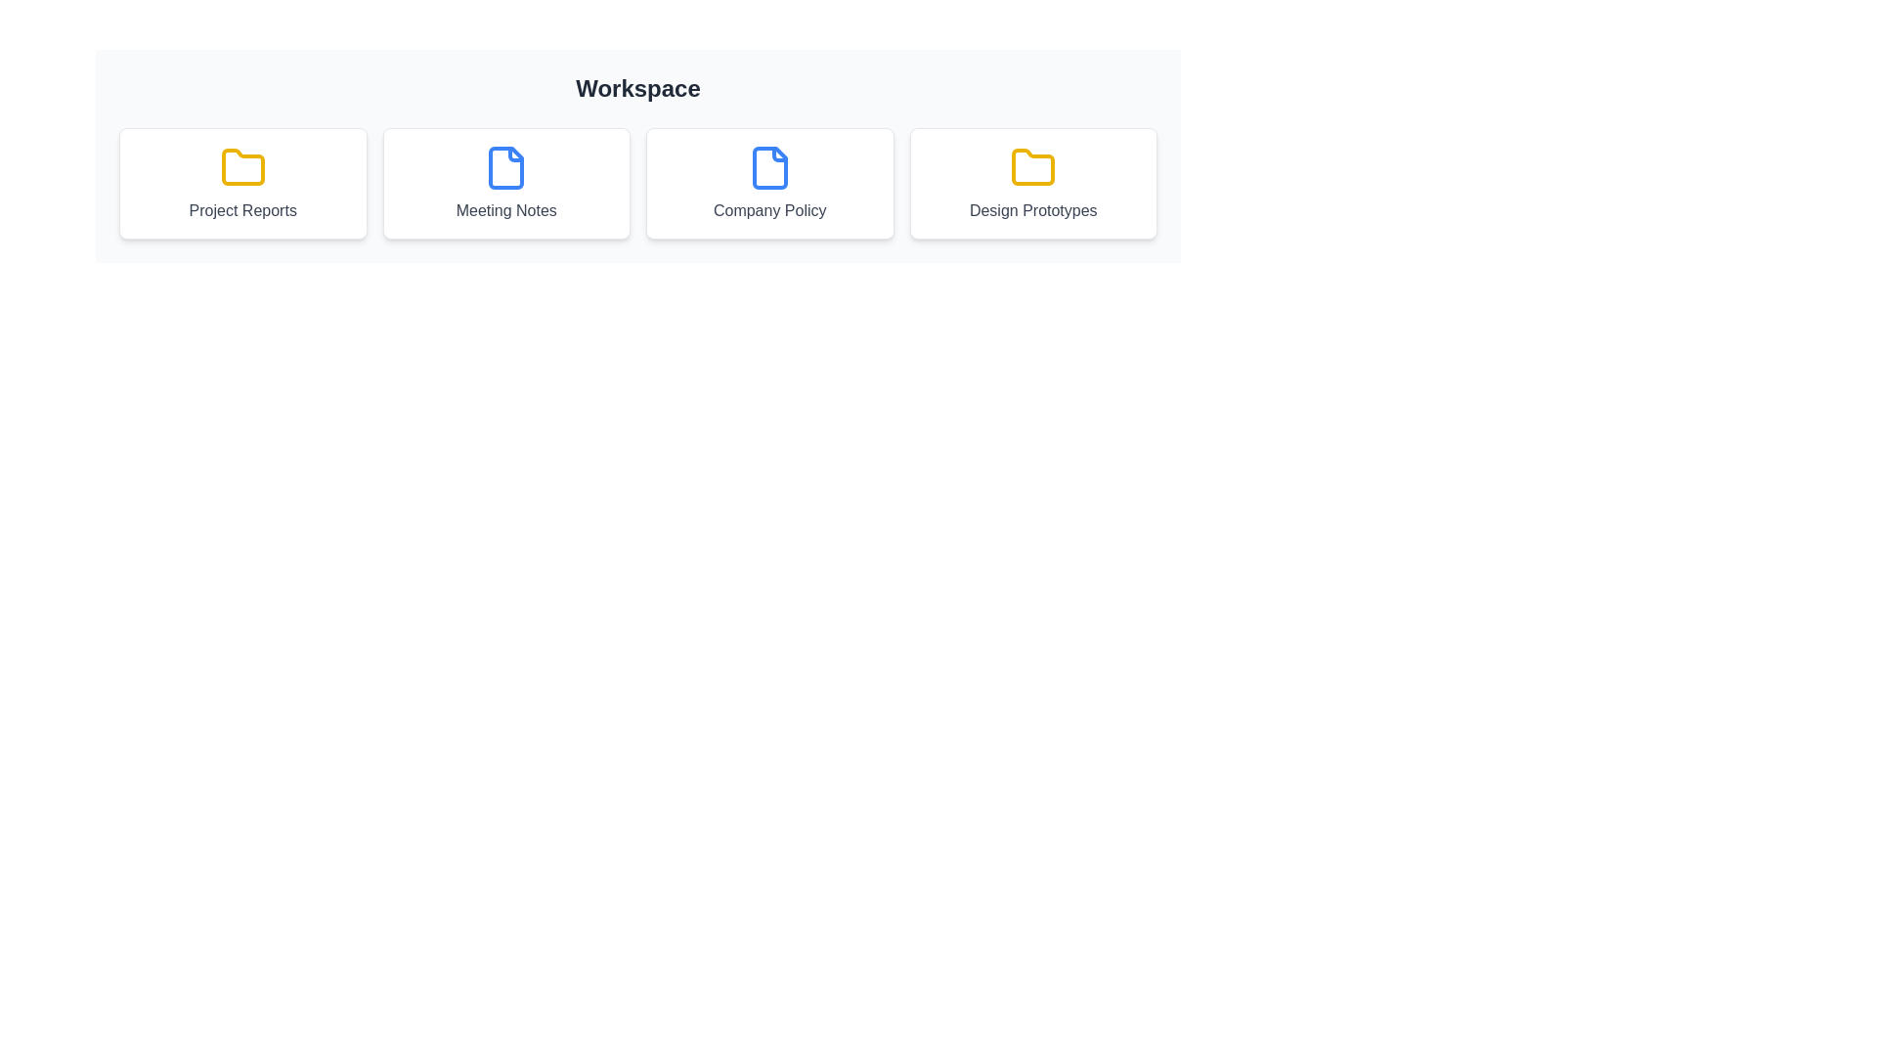 The image size is (1877, 1056). What do you see at coordinates (637, 89) in the screenshot?
I see `header text located at the center top of the layout, which indicates the content or purpose of the associated section` at bounding box center [637, 89].